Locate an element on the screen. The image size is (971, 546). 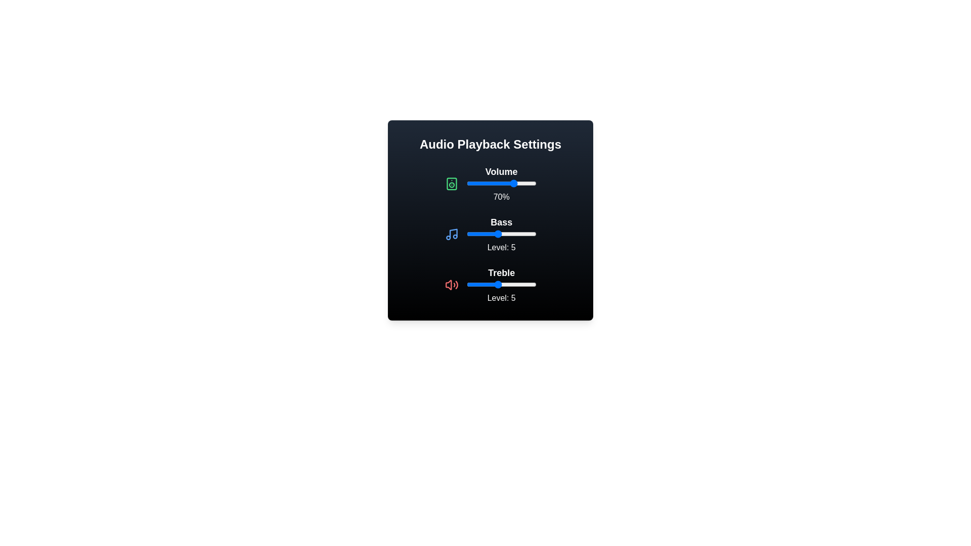
the volume slider is located at coordinates (488, 183).